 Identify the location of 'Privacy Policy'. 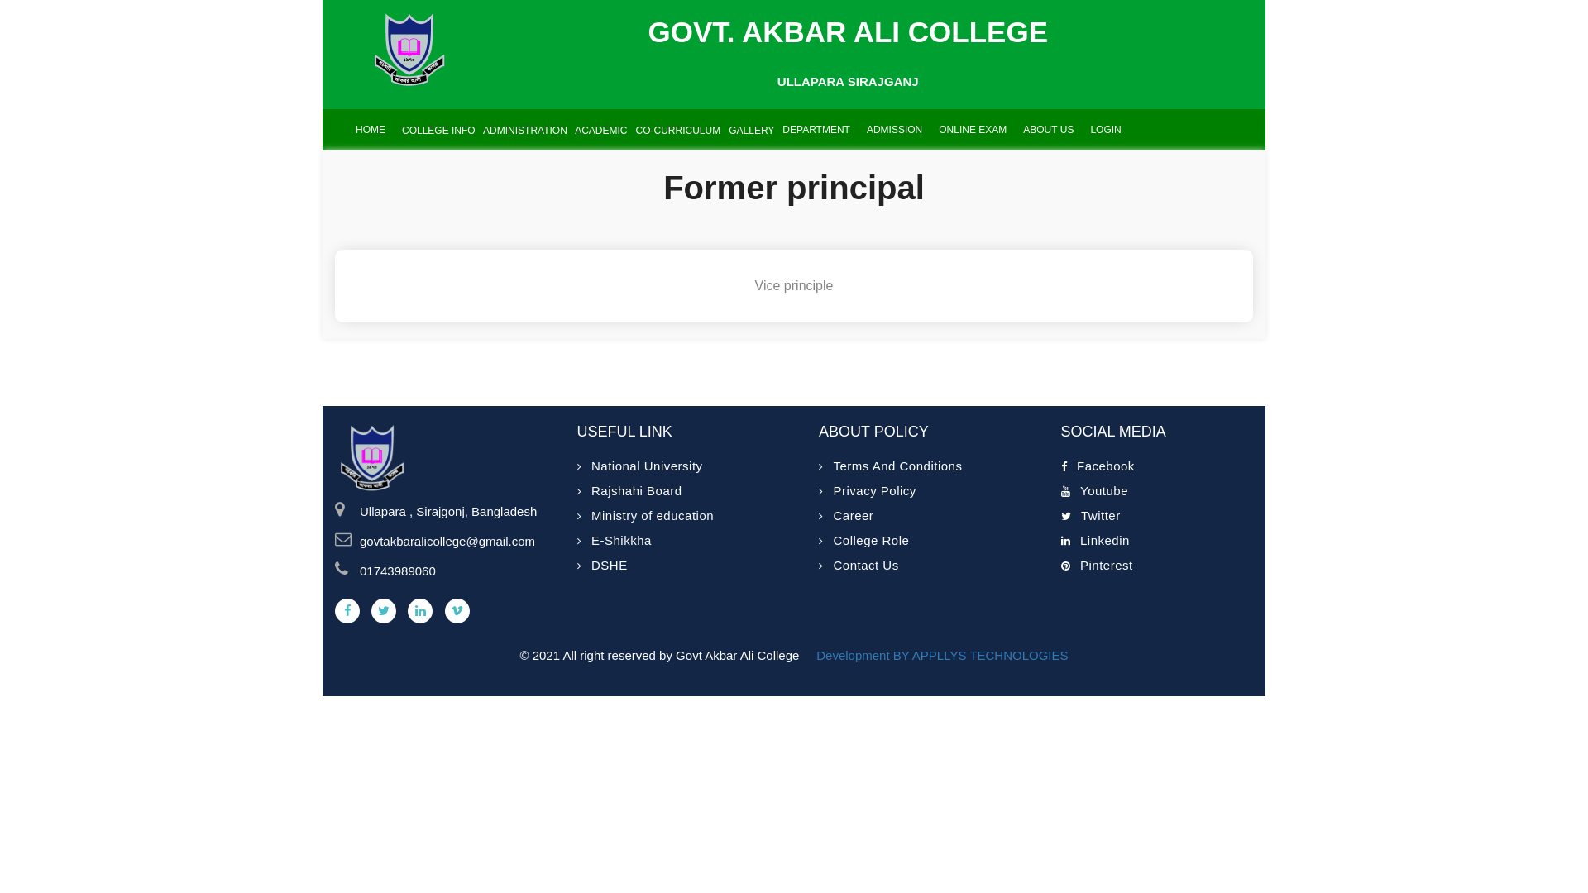
(867, 489).